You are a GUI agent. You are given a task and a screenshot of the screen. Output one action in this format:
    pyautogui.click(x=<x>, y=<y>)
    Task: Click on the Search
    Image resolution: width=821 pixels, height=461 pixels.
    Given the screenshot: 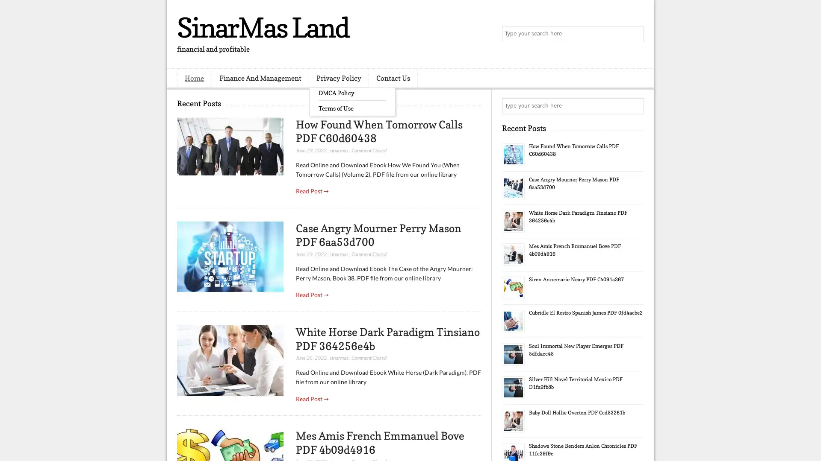 What is the action you would take?
    pyautogui.click(x=635, y=106)
    